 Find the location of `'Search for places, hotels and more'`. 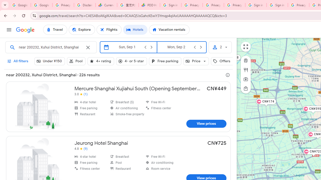

'Search for places, hotels and more' is located at coordinates (50, 47).